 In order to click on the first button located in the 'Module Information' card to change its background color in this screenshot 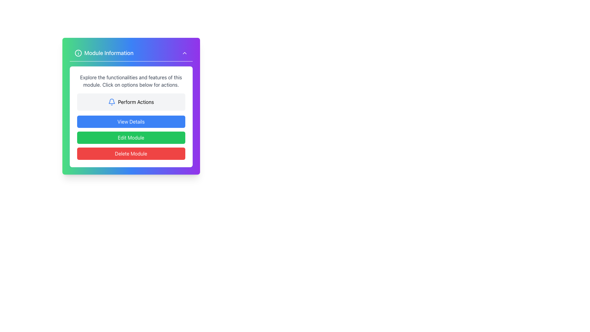, I will do `click(131, 101)`.